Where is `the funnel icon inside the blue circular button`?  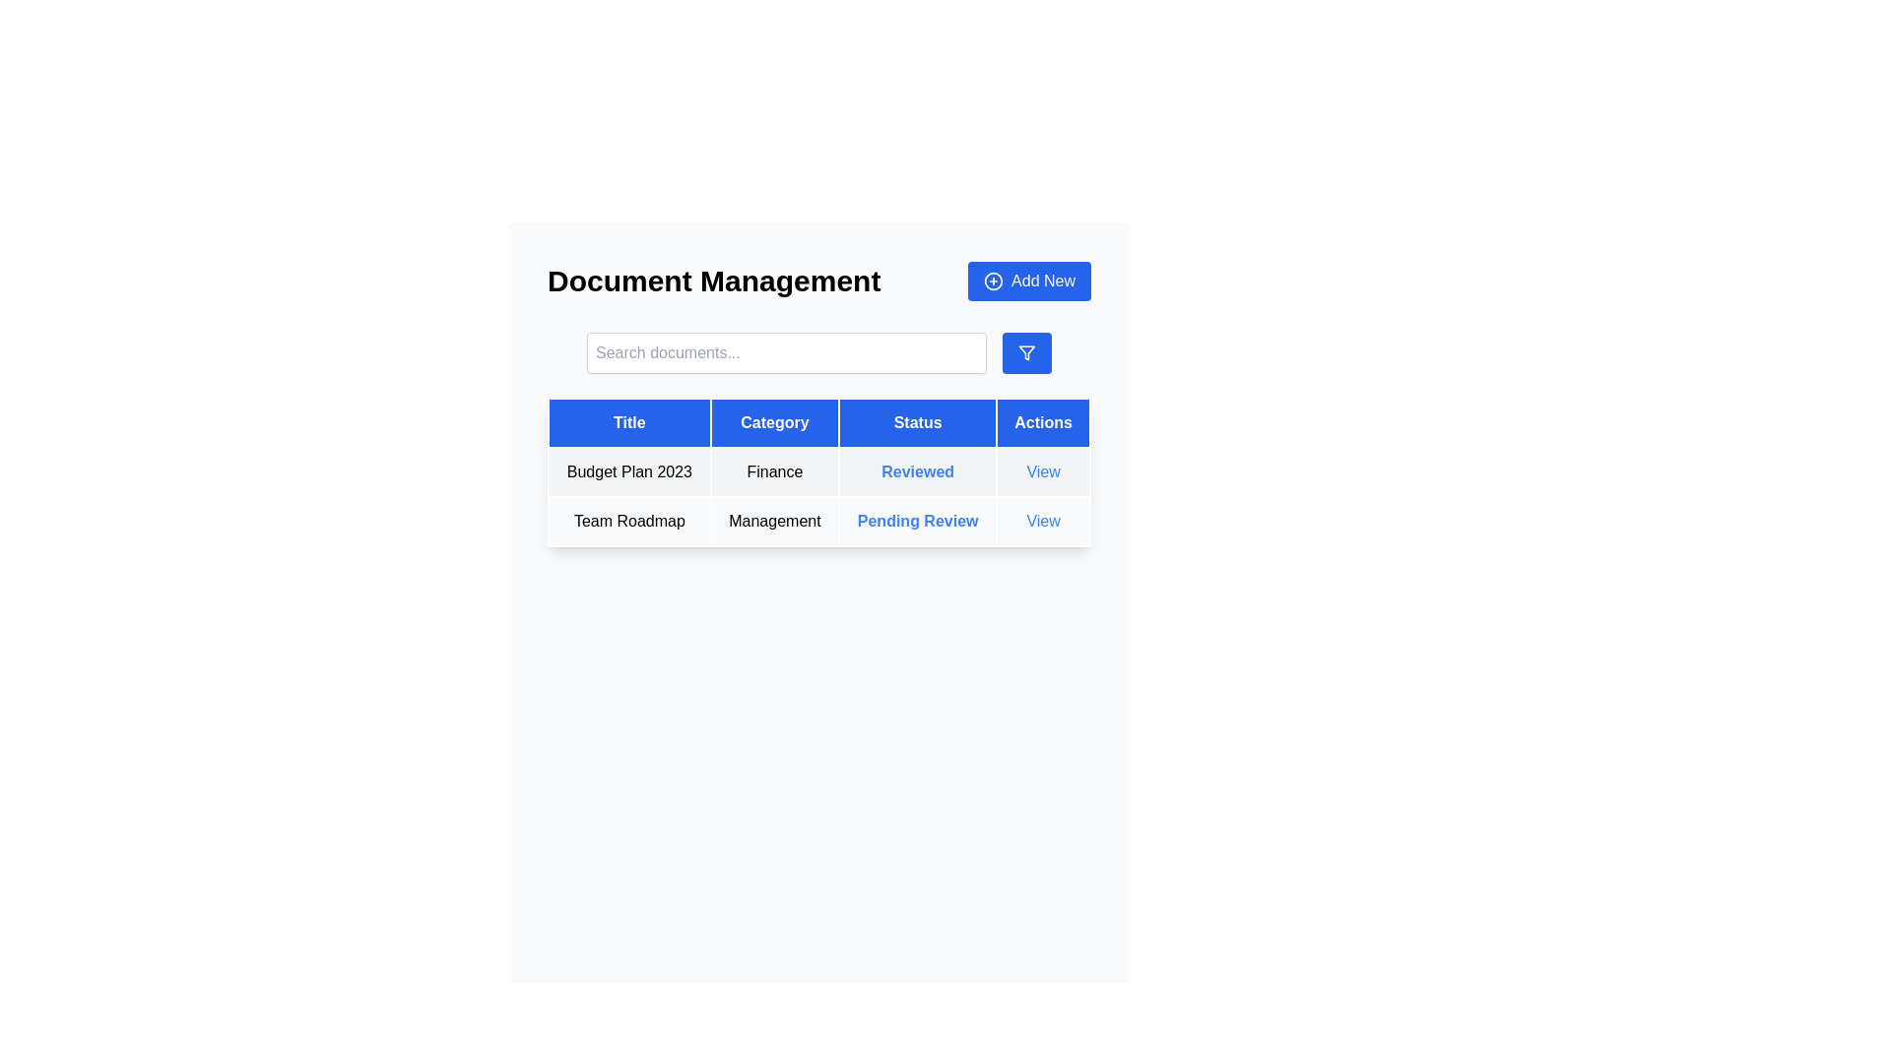
the funnel icon inside the blue circular button is located at coordinates (1025, 351).